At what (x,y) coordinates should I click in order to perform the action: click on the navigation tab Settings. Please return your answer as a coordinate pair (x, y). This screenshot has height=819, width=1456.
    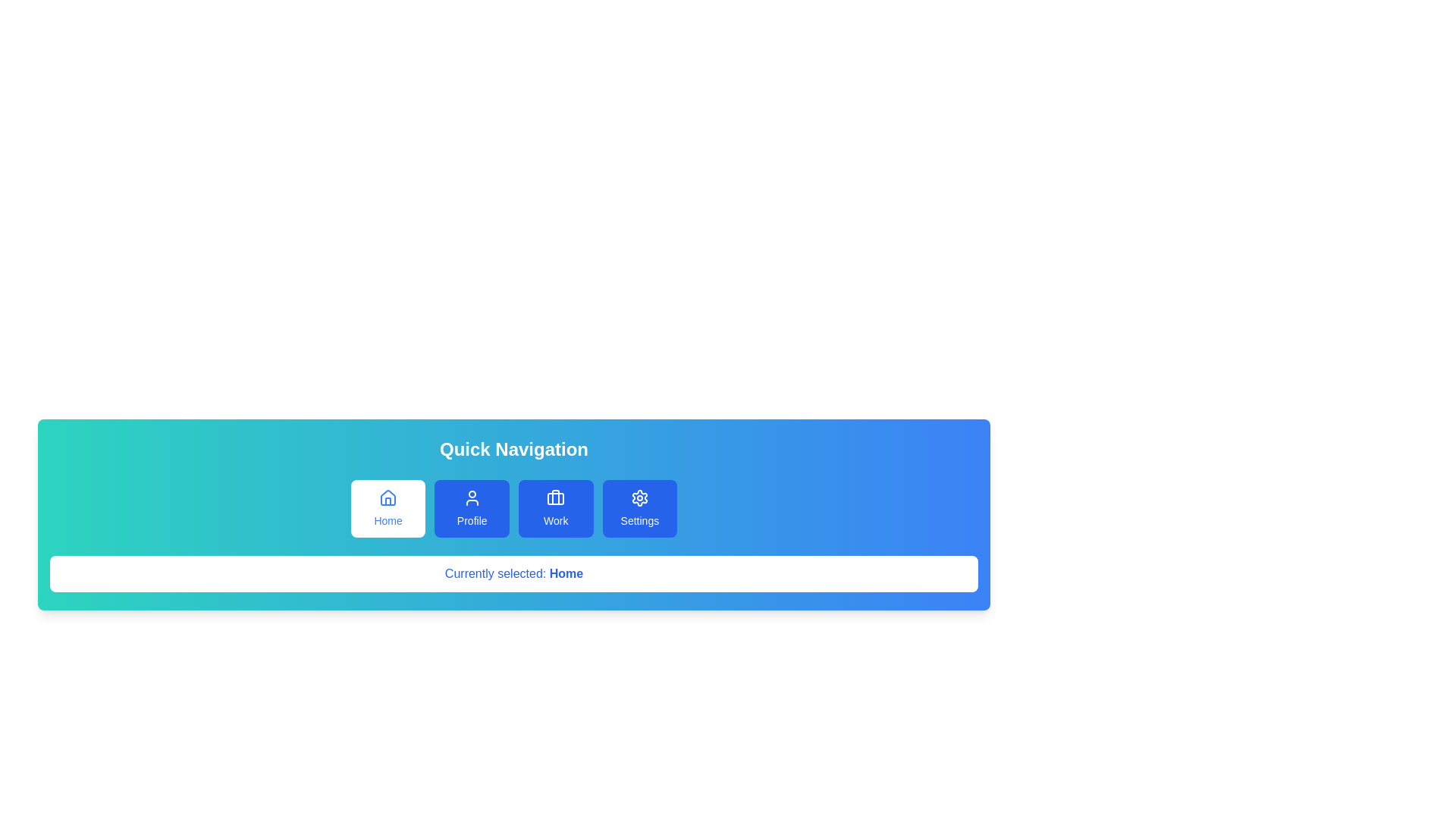
    Looking at the image, I should click on (639, 509).